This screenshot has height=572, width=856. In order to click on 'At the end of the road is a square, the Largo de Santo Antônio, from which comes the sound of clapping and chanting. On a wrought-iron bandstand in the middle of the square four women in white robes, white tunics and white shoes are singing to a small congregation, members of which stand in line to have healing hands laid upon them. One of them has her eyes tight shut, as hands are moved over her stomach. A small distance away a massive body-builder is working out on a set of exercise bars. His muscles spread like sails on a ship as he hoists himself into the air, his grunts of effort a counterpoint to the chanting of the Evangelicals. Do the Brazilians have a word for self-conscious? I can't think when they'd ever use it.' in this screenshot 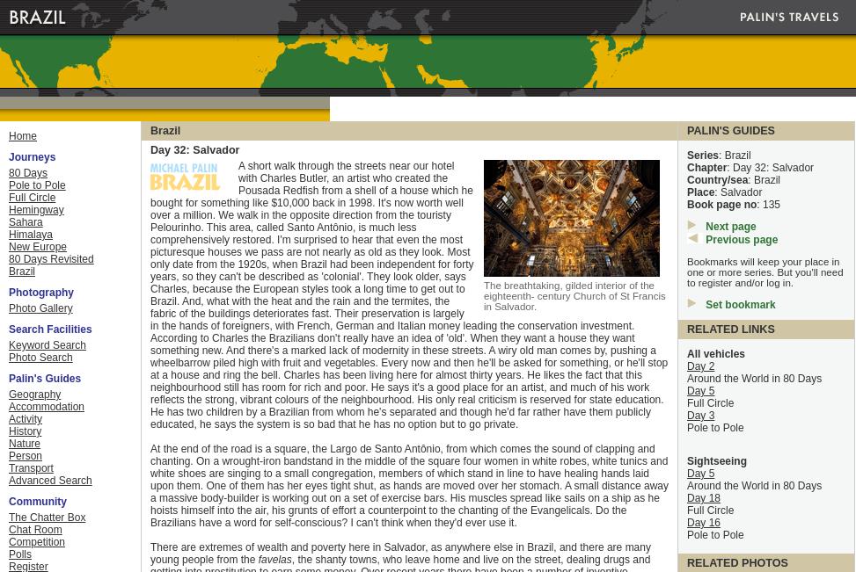, I will do `click(408, 486)`.